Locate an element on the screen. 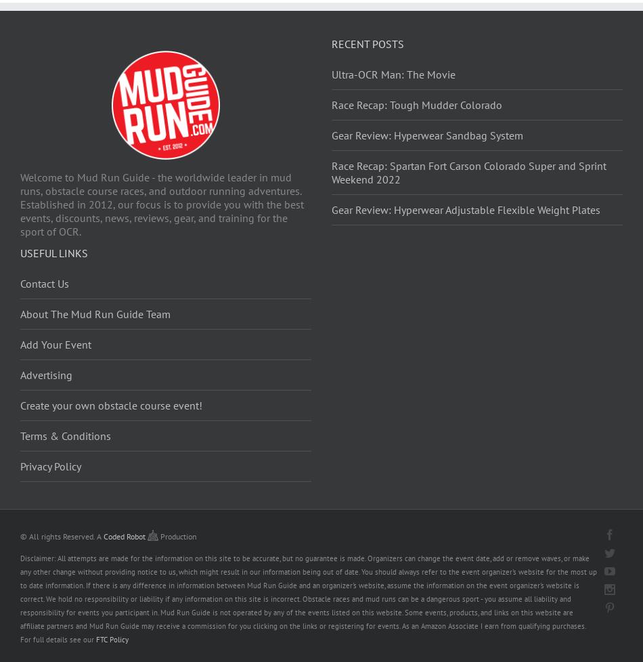 This screenshot has height=662, width=643. 'Recent Posts' is located at coordinates (368, 43).